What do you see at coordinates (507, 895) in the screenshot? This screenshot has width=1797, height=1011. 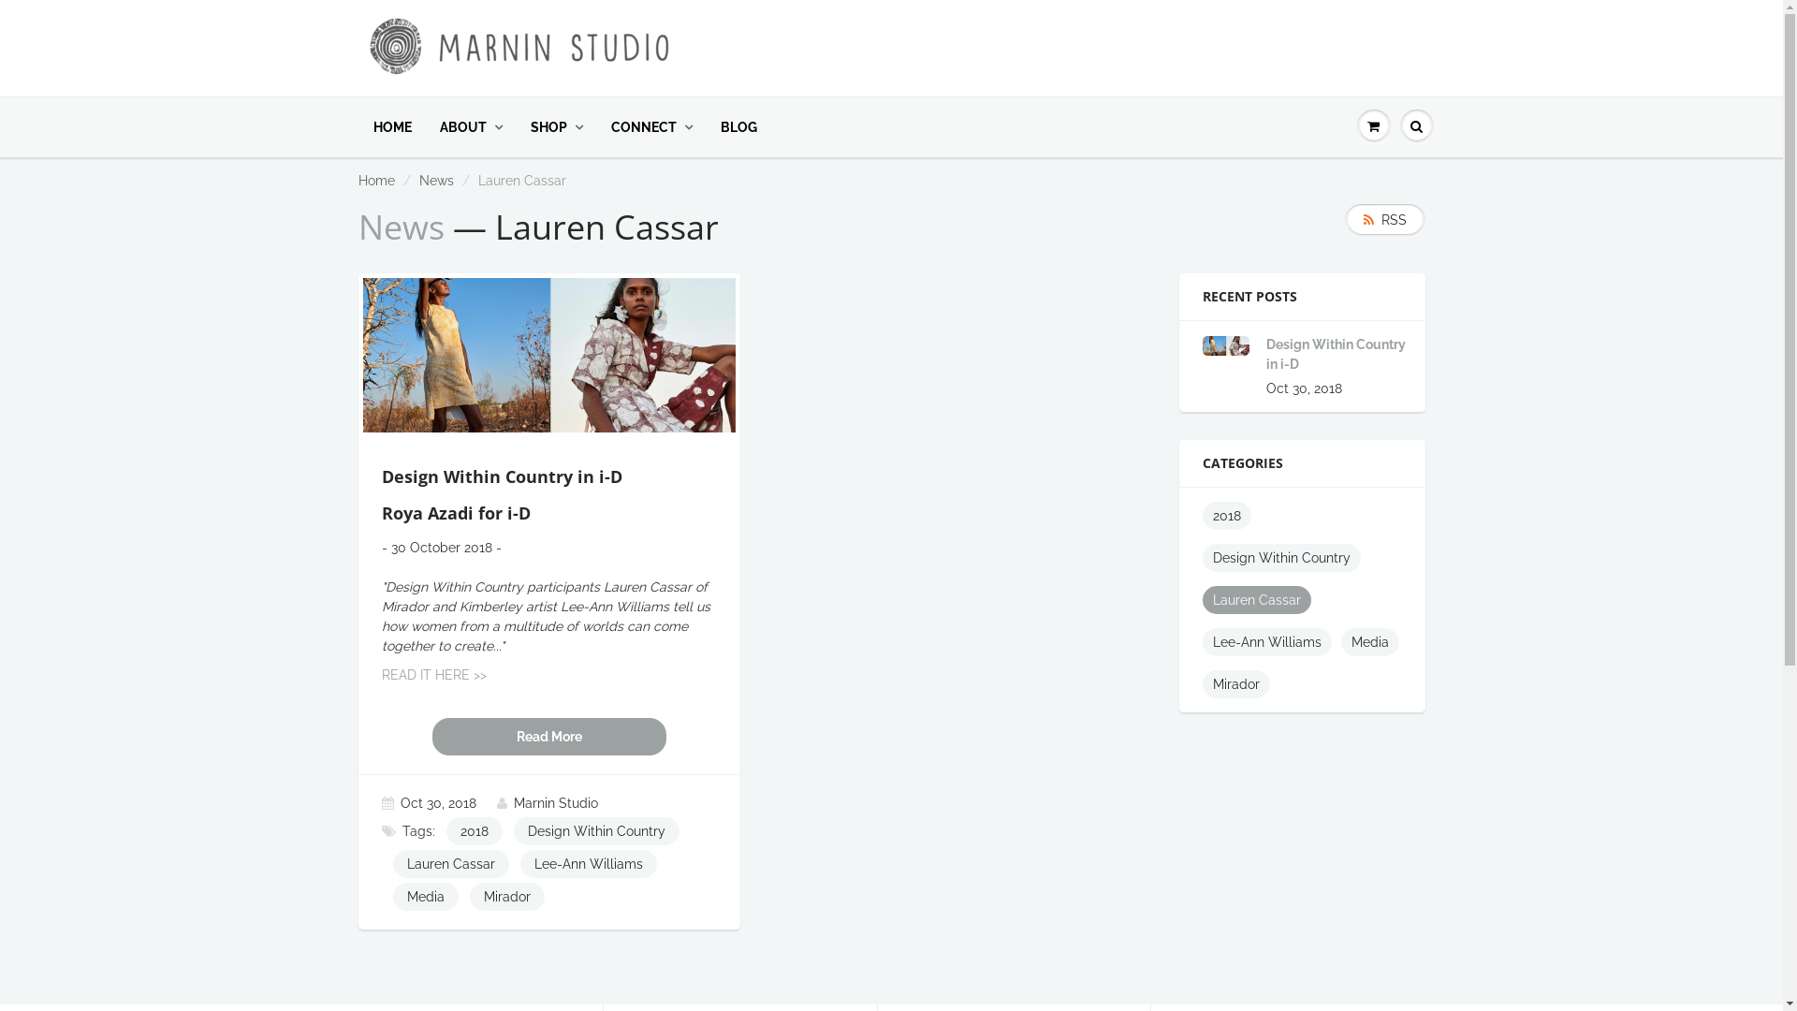 I see `'Mirador'` at bounding box center [507, 895].